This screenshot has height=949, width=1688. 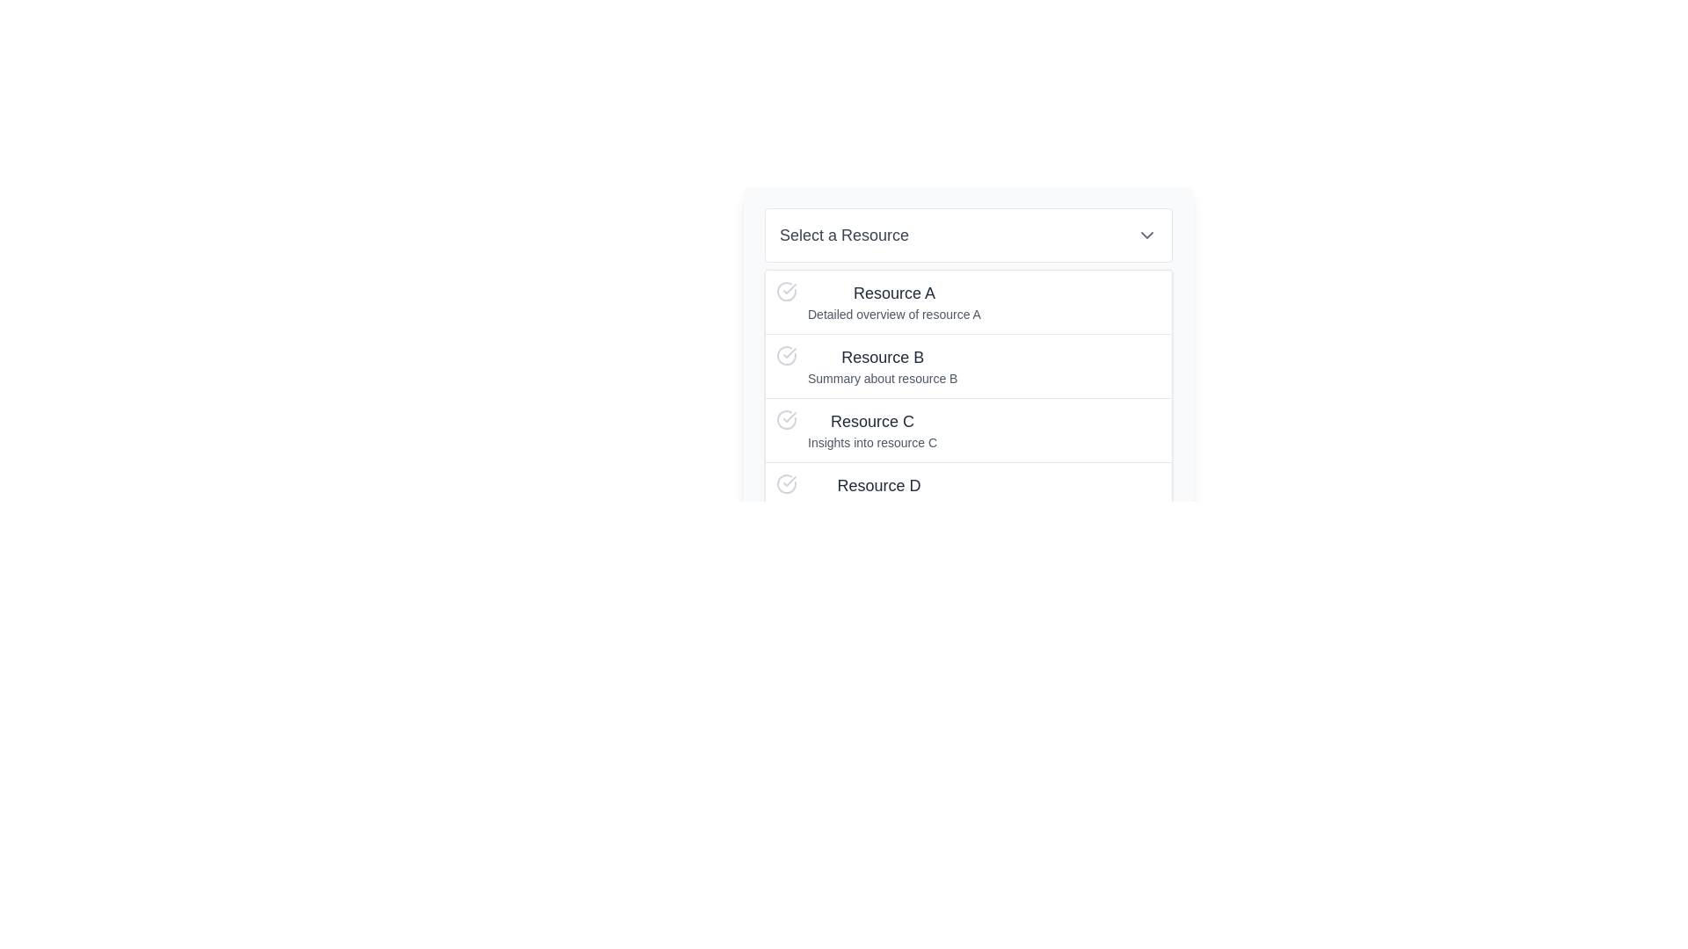 What do you see at coordinates (883, 357) in the screenshot?
I see `the text label 'Resource B', which is styled in a larger bold font and dark gray, positioned as the title above the summary text in the list-like structure` at bounding box center [883, 357].